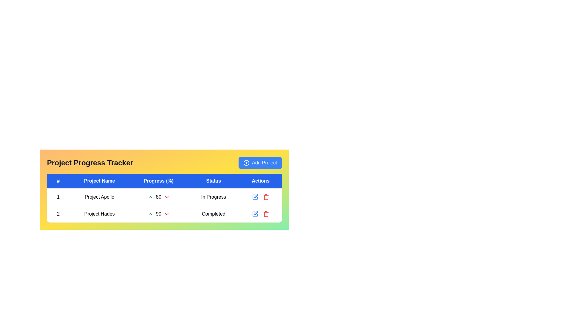 This screenshot has height=327, width=582. What do you see at coordinates (167, 213) in the screenshot?
I see `the downward-pointing red chevron button located in the second row under the 'Progress (%)' column, directly to the right of the text '90'` at bounding box center [167, 213].